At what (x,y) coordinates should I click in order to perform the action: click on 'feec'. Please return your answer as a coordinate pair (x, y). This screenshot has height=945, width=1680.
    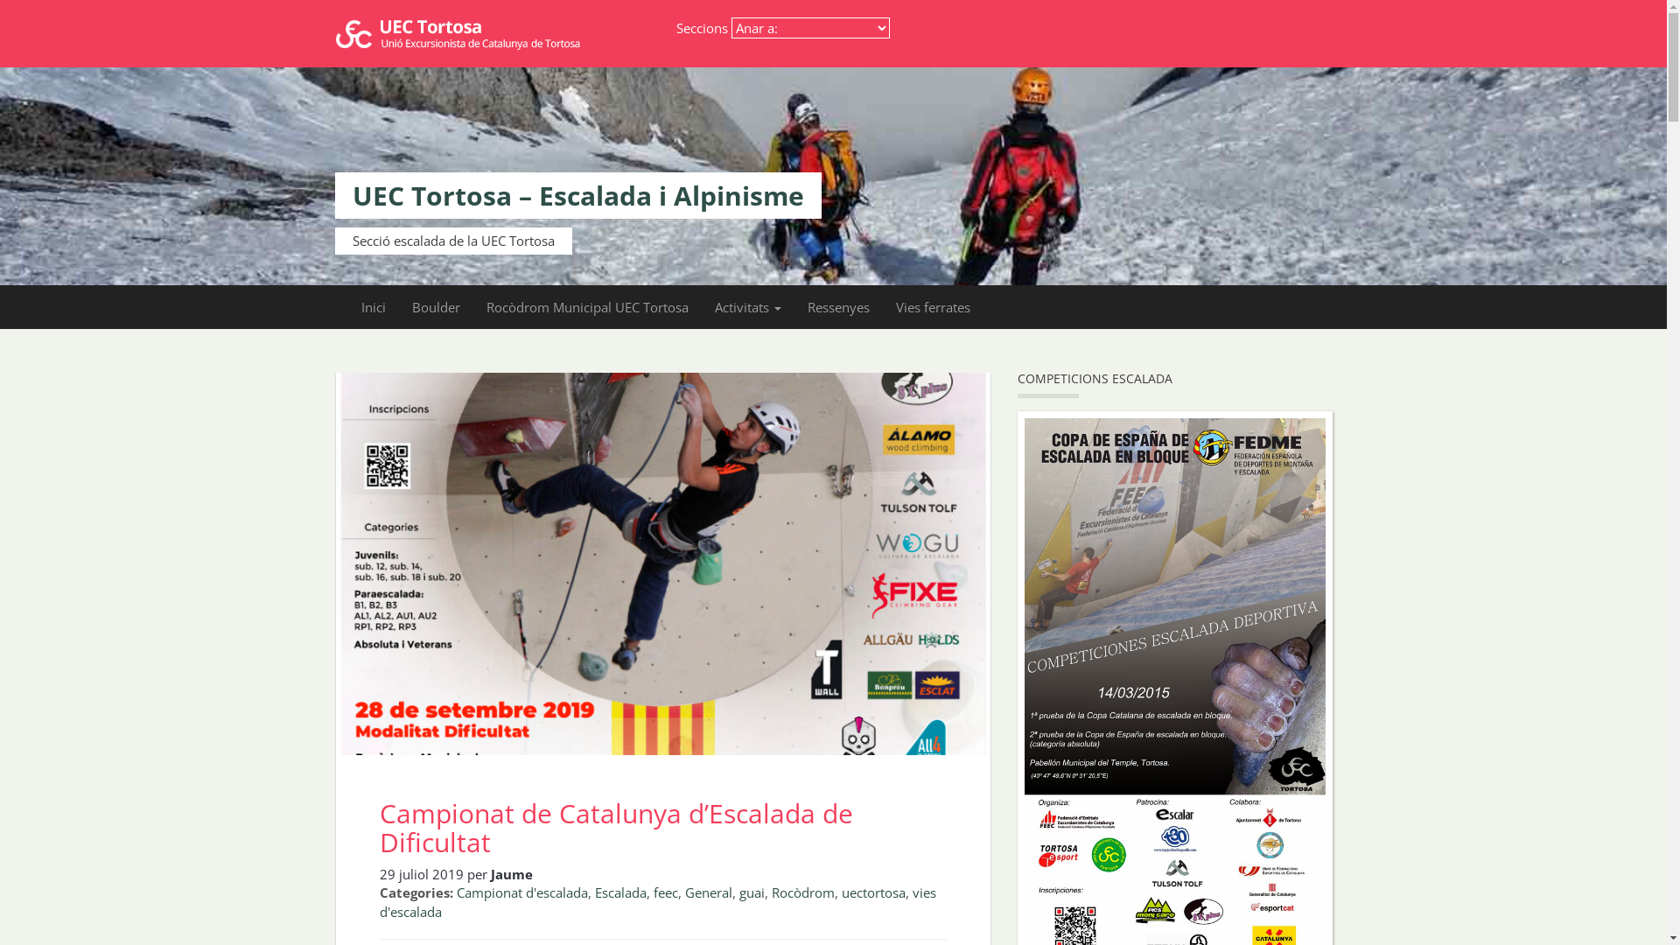
    Looking at the image, I should click on (663, 892).